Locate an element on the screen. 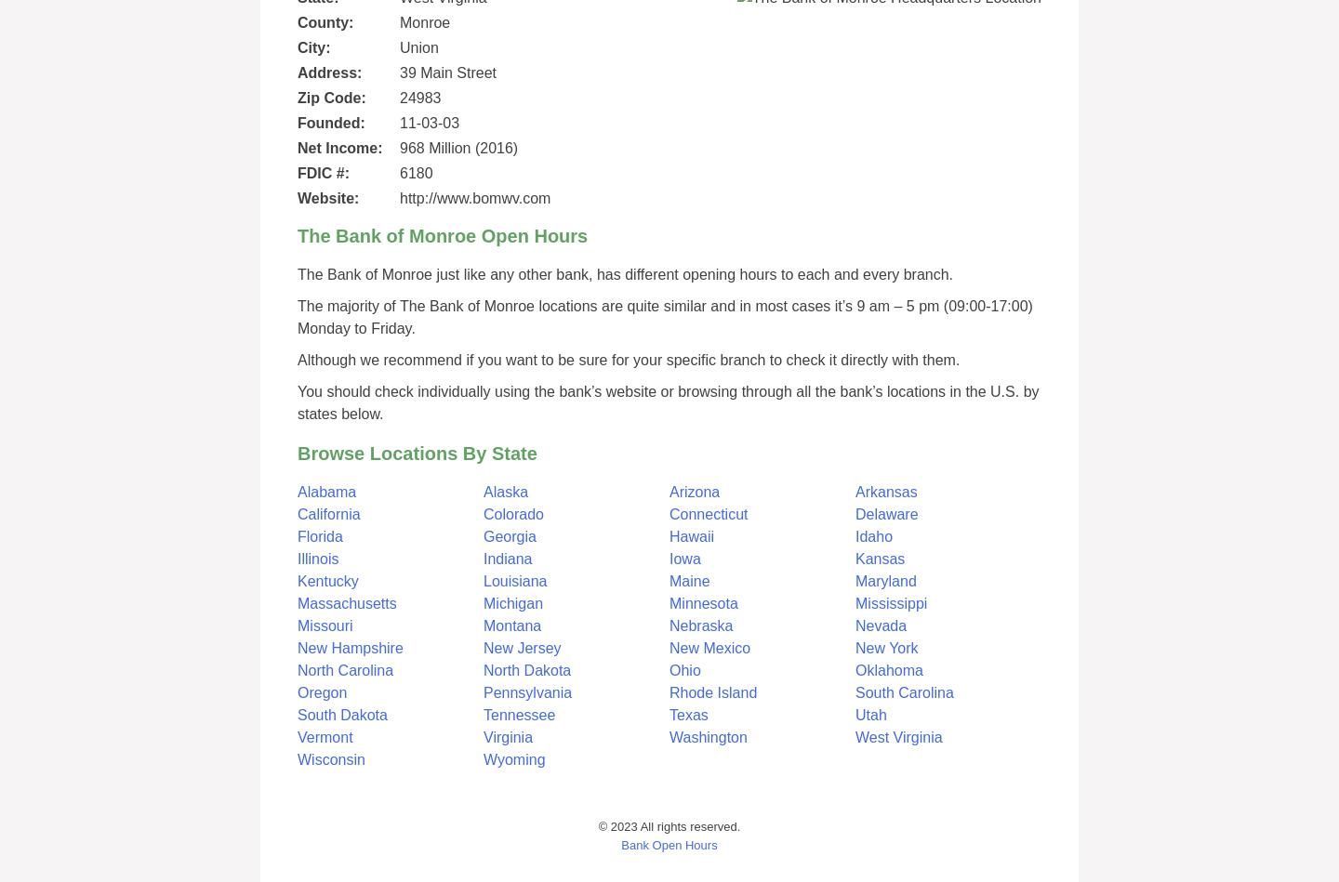 The image size is (1339, 882). 'Rhode Island' is located at coordinates (711, 692).